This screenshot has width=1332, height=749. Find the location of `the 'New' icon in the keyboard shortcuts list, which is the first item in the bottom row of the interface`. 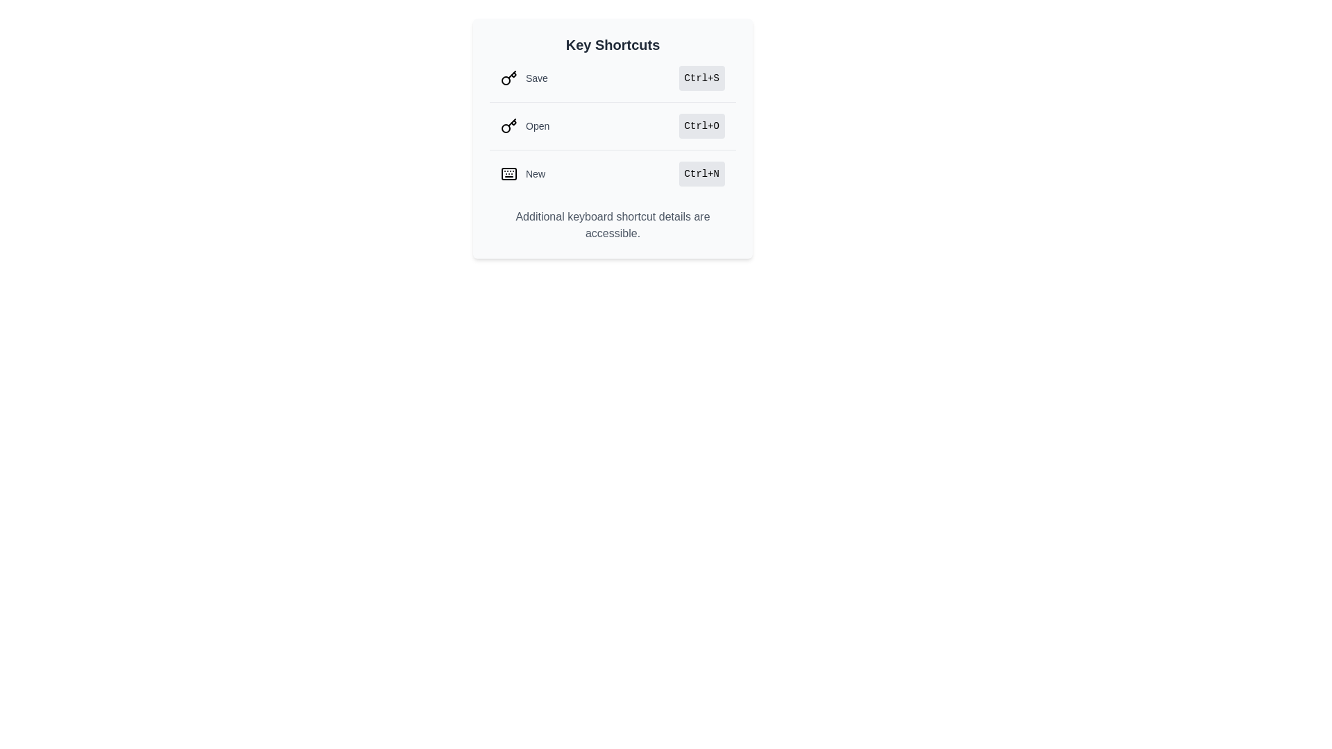

the 'New' icon in the keyboard shortcuts list, which is the first item in the bottom row of the interface is located at coordinates (509, 173).